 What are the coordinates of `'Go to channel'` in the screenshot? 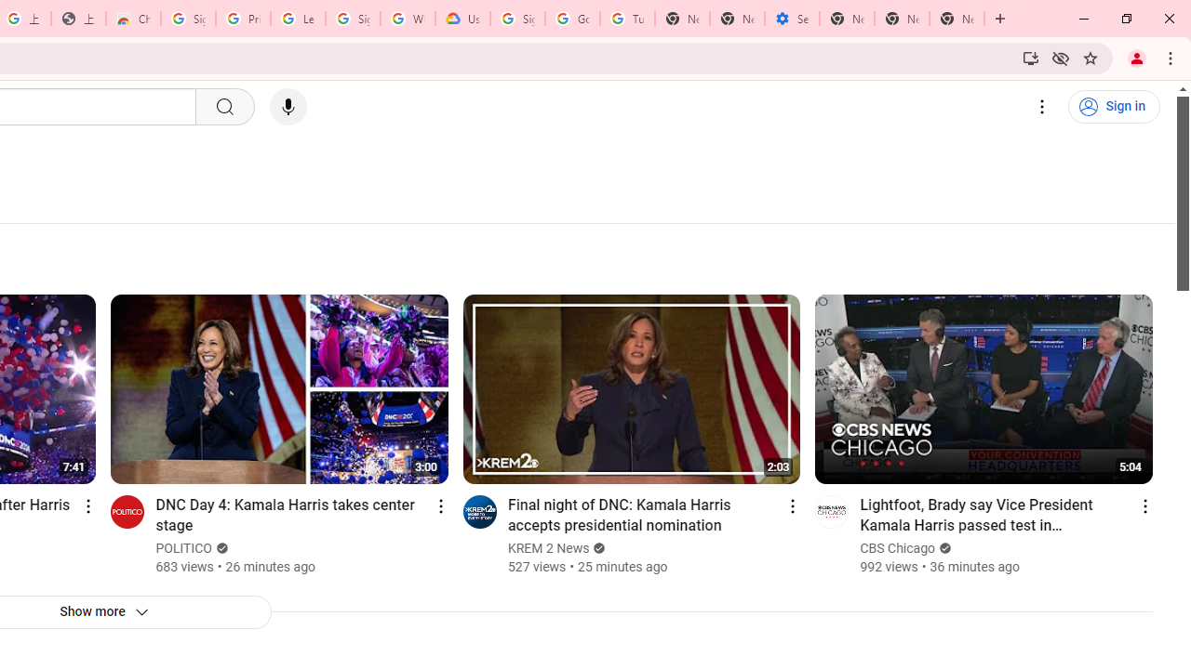 It's located at (831, 511).